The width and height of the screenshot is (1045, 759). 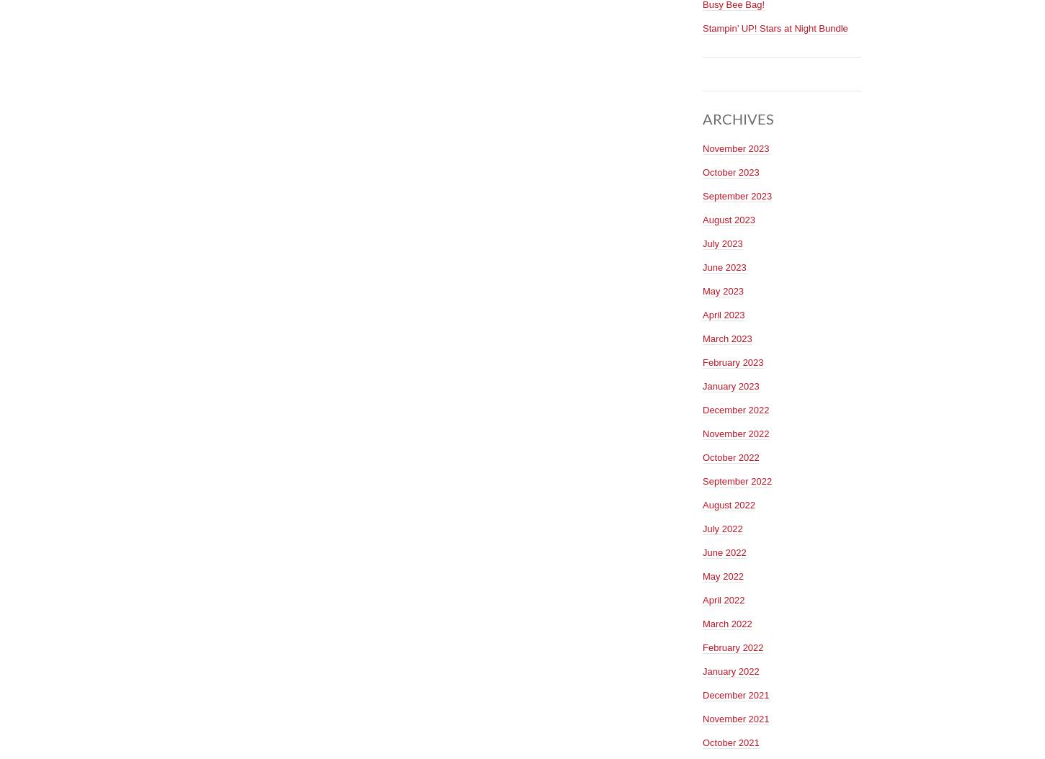 I want to click on 'July 2022', so click(x=702, y=527).